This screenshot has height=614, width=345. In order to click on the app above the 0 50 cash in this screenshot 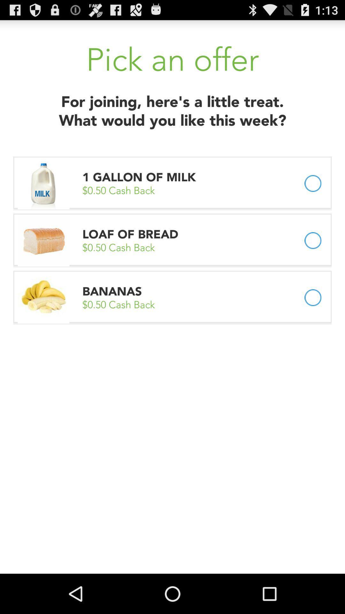, I will do `click(112, 291)`.